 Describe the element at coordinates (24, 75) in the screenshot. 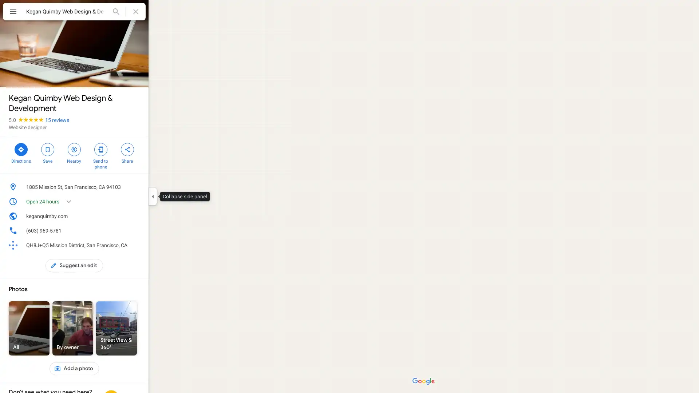

I see `5 photos` at that location.